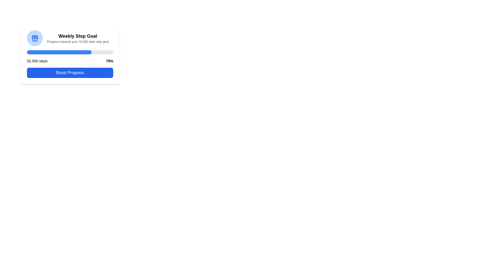 Image resolution: width=493 pixels, height=277 pixels. What do you see at coordinates (37, 61) in the screenshot?
I see `the text label displaying '52,500 steps' which is located on the left side of the progress summary component` at bounding box center [37, 61].